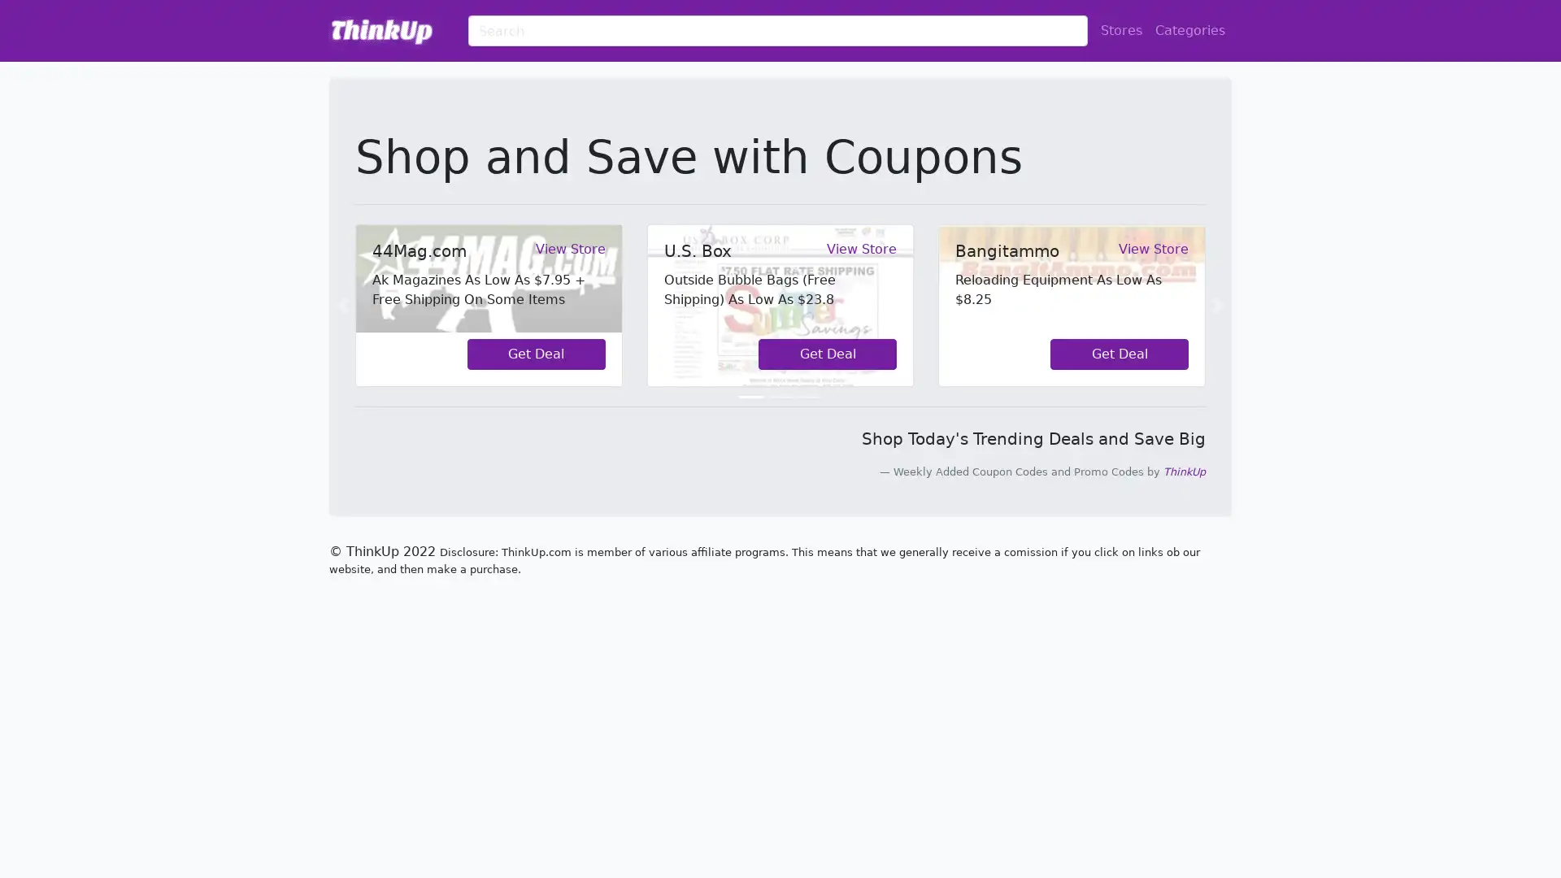 Image resolution: width=1561 pixels, height=878 pixels. Describe the element at coordinates (342, 305) in the screenshot. I see `Previous` at that location.